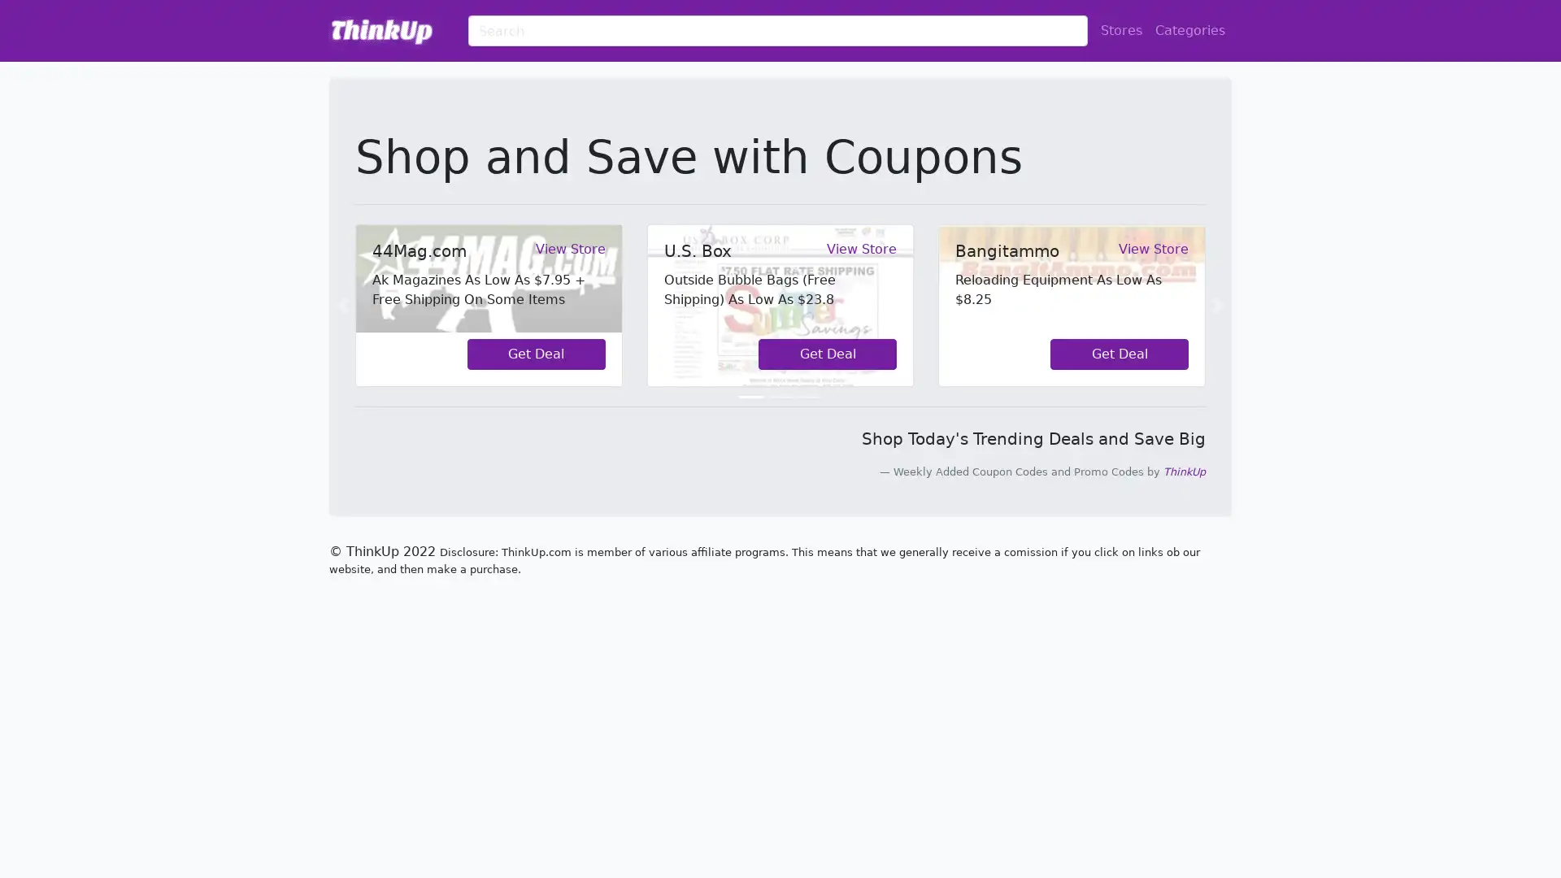 Image resolution: width=1561 pixels, height=878 pixels. Describe the element at coordinates (342, 305) in the screenshot. I see `Previous` at that location.